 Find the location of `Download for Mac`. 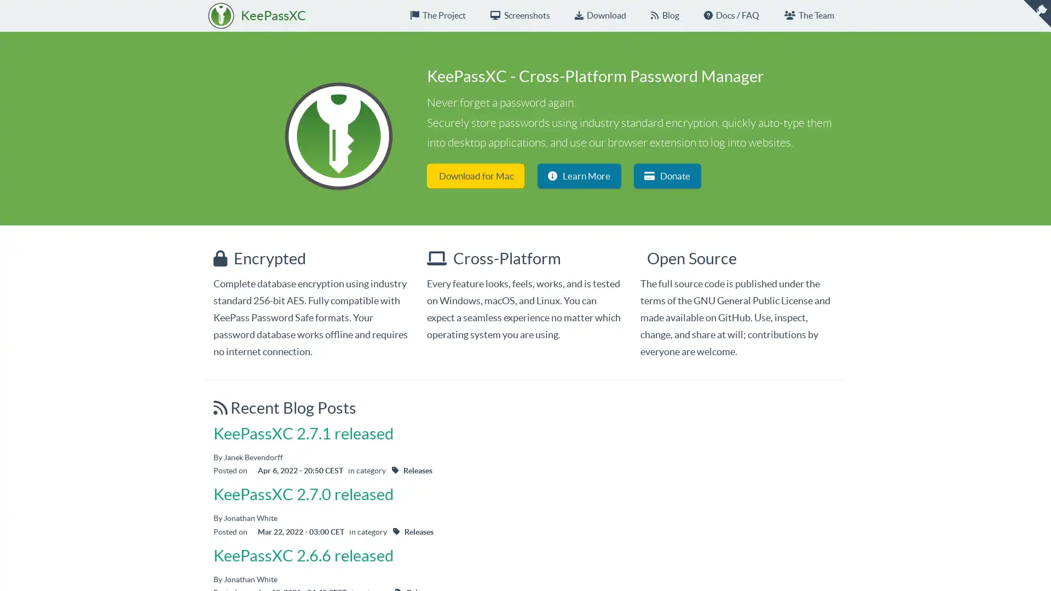

Download for Mac is located at coordinates (475, 175).